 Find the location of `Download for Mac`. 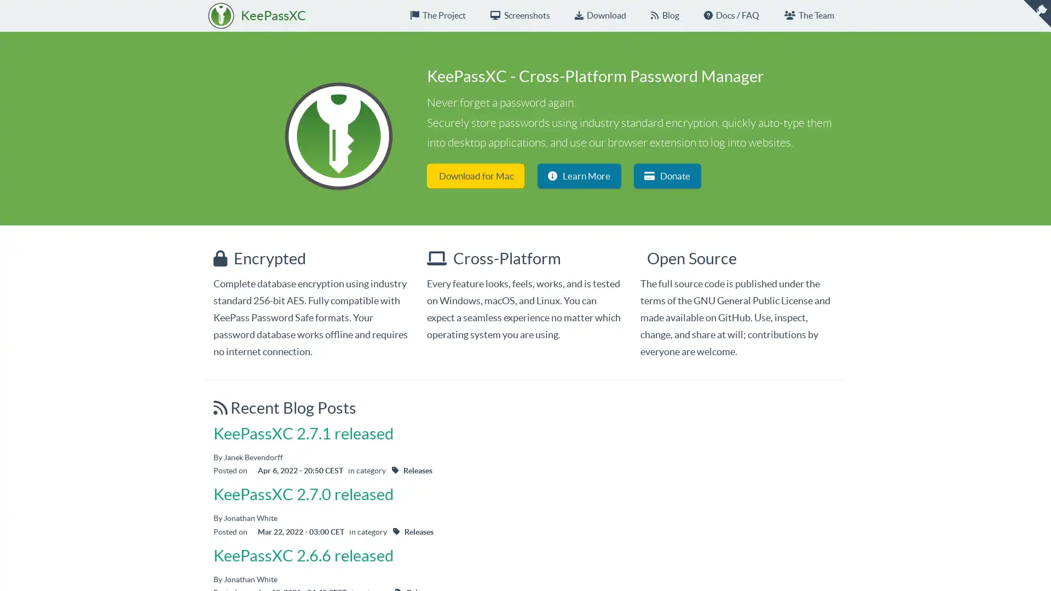

Download for Mac is located at coordinates (475, 175).